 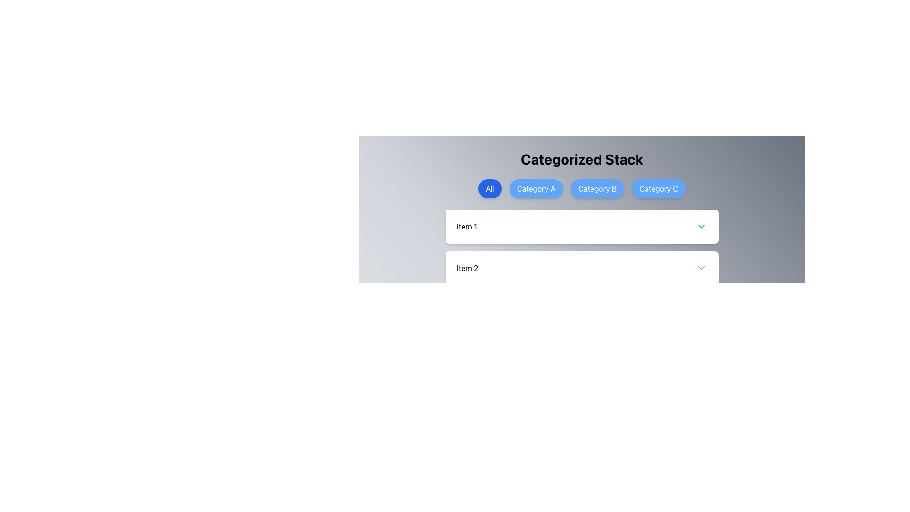 What do you see at coordinates (597, 188) in the screenshot?
I see `the third button labeled 'Category B' located below the 'Categorized Stack' heading` at bounding box center [597, 188].